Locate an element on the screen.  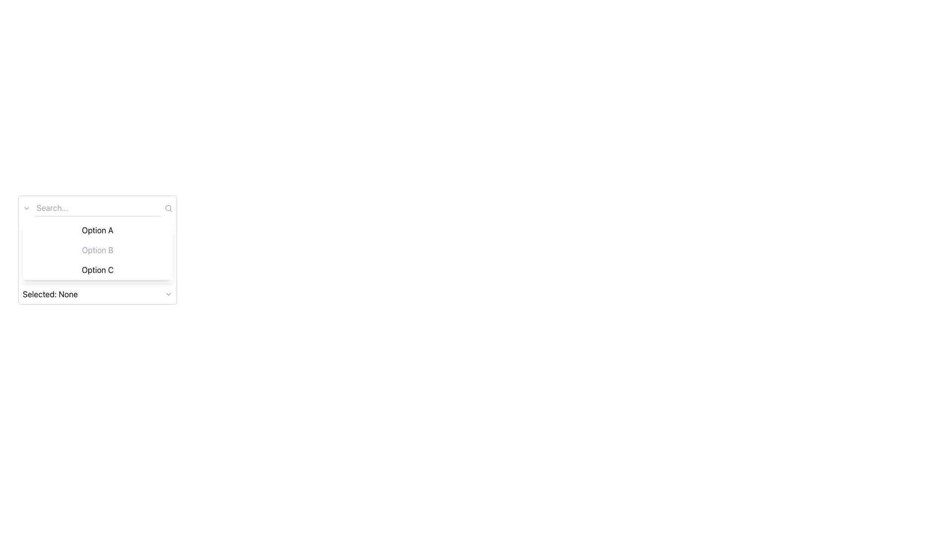
the downward-pointing chevron icon indicating dropdown functionality, located to the left of the input field with placeholder text 'Search...' is located at coordinates (26, 207).